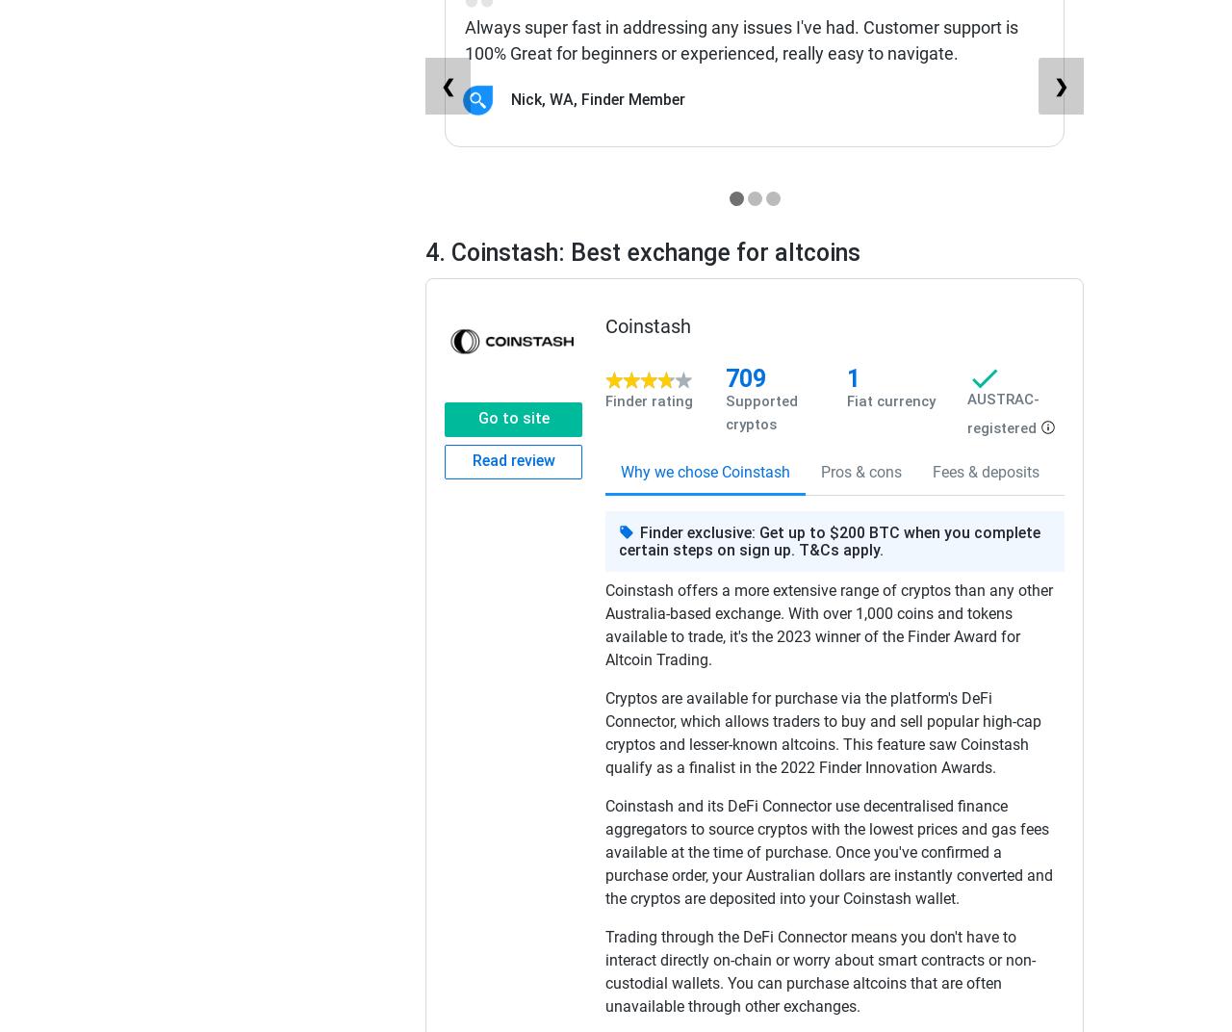 The image size is (1232, 1032). Describe the element at coordinates (705, 472) in the screenshot. I see `'Why we chose Coinstash'` at that location.